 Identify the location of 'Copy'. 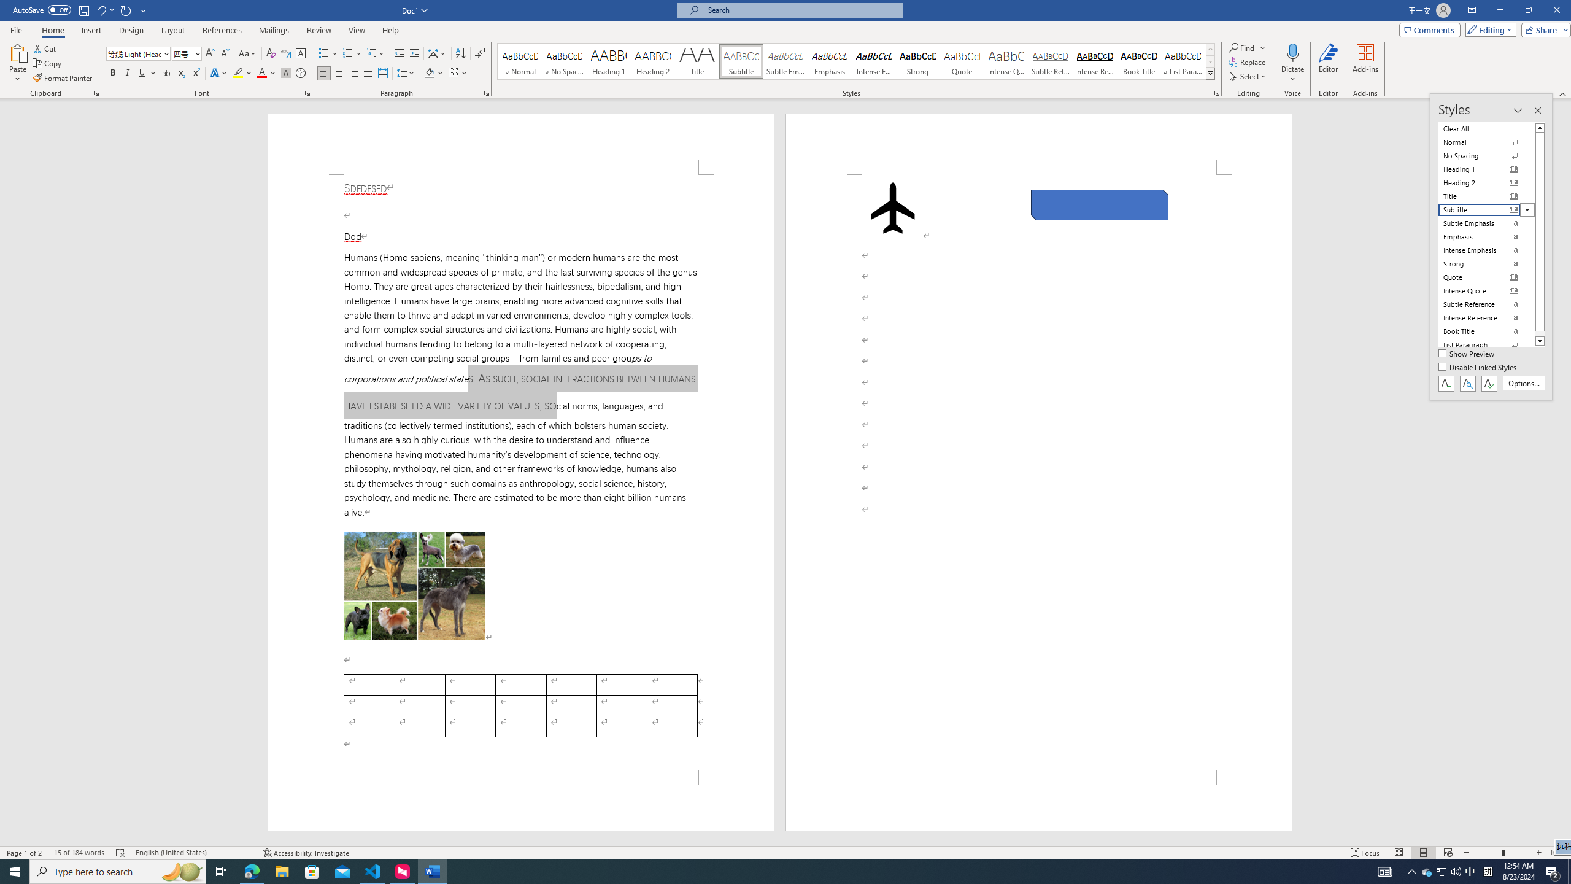
(48, 63).